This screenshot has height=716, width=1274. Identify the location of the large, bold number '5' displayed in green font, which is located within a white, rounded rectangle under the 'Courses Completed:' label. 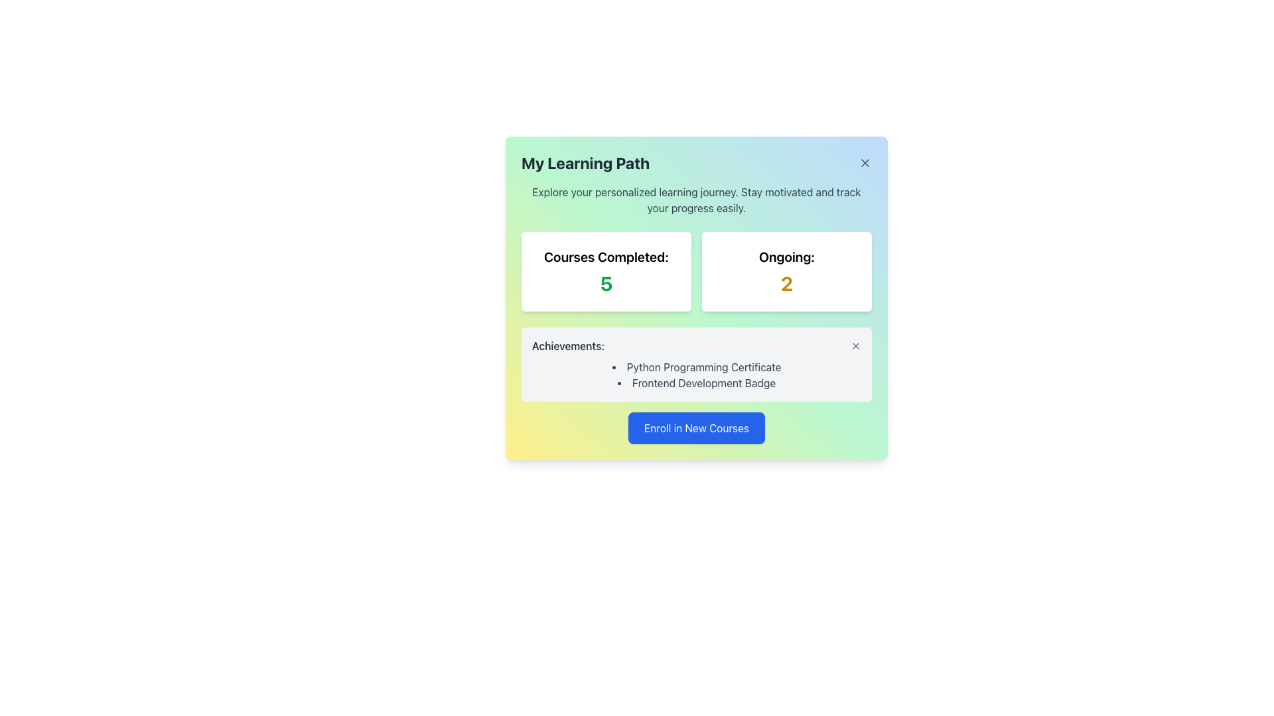
(605, 283).